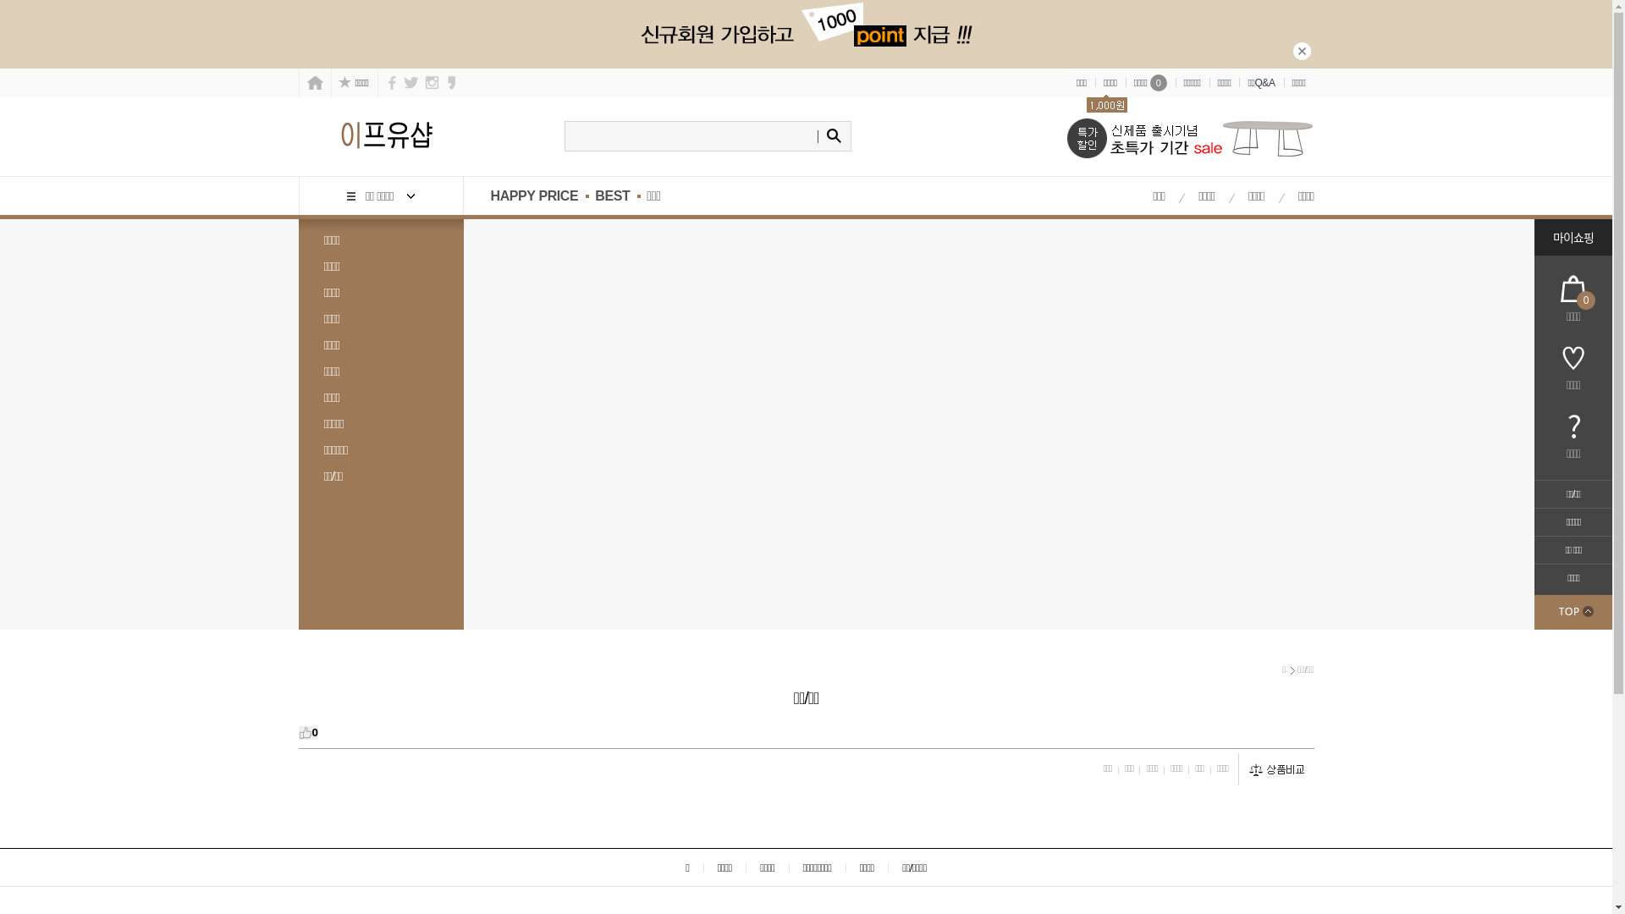  What do you see at coordinates (524, 195) in the screenshot?
I see `'HAPPY PRICE'` at bounding box center [524, 195].